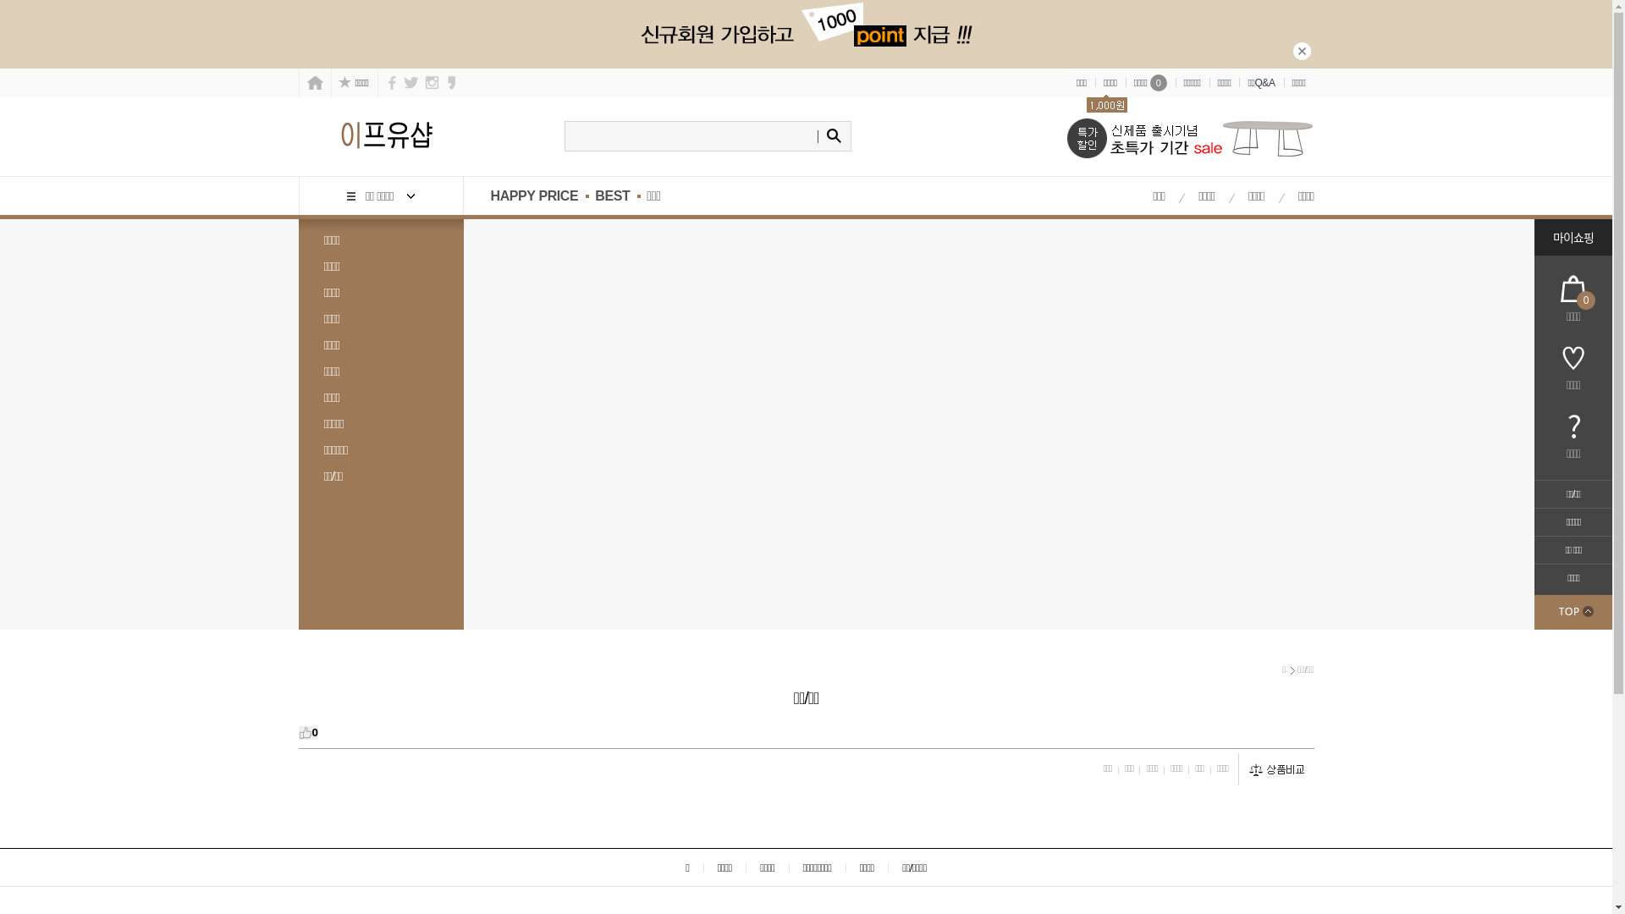  What do you see at coordinates (524, 195) in the screenshot?
I see `'HAPPY PRICE'` at bounding box center [524, 195].